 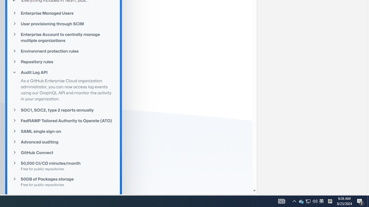 I want to click on 'Enterprise Managed Users', so click(x=63, y=13).